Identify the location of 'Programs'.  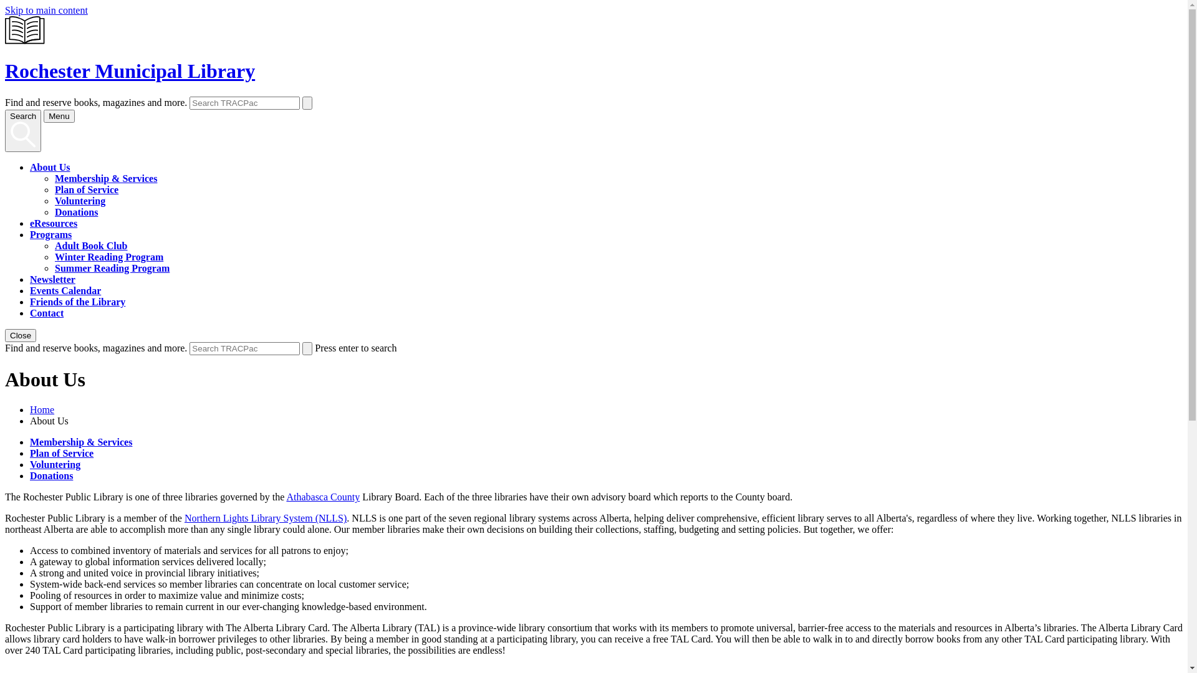
(50, 234).